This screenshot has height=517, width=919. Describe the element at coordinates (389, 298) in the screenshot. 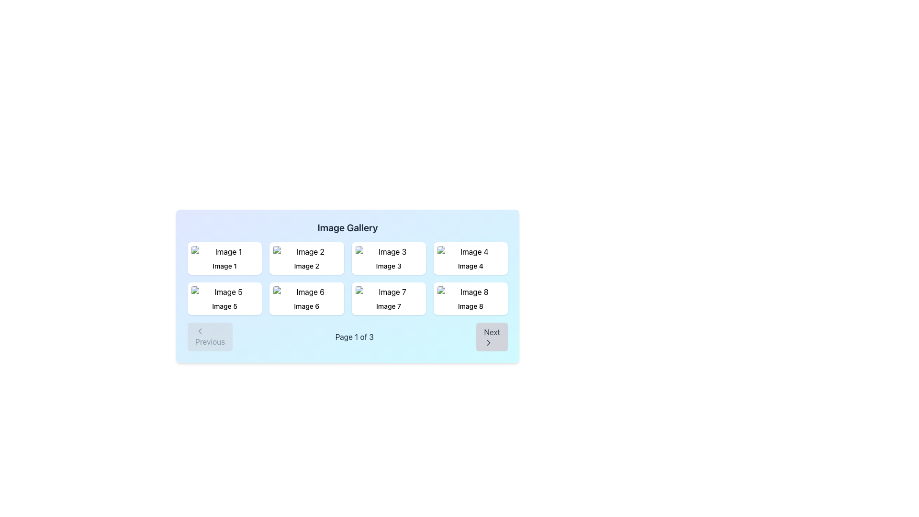

I see `the Gallery item card displaying 'Image 7', located in the second row and third column of the grid` at that location.